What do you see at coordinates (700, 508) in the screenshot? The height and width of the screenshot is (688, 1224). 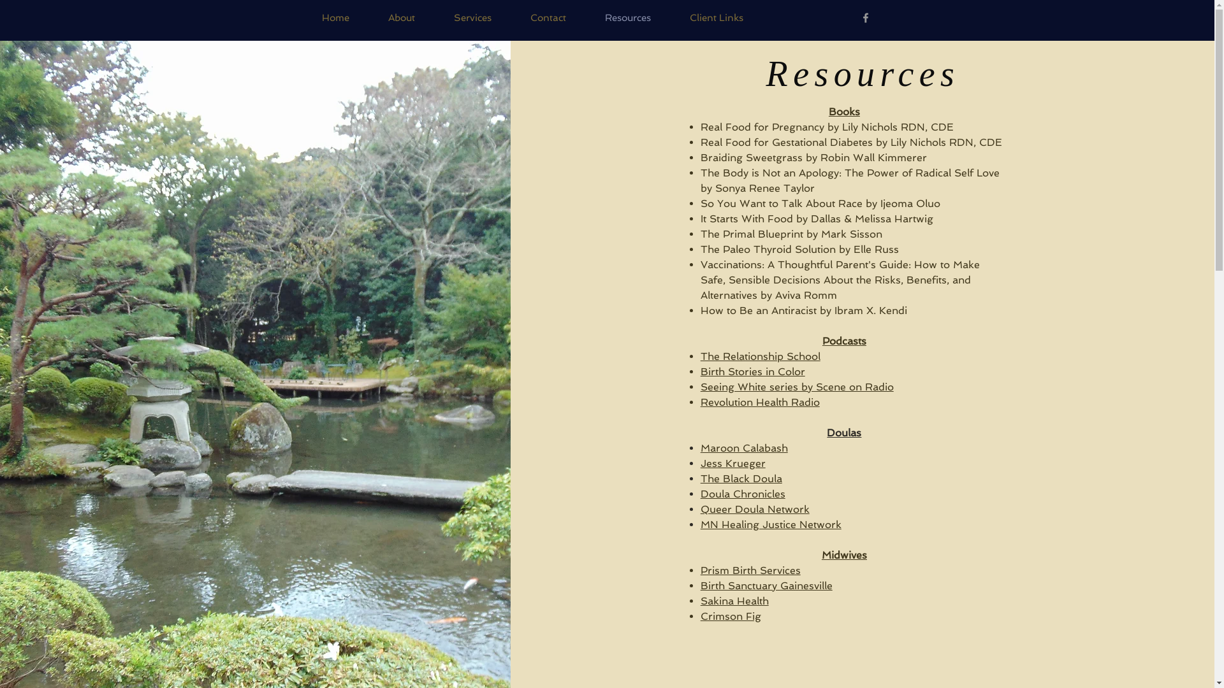 I see `'Queer Doula Network'` at bounding box center [700, 508].